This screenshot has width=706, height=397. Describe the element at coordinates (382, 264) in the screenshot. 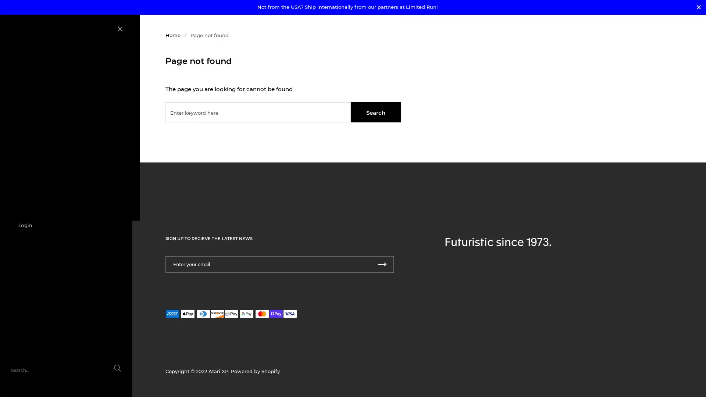

I see `Submit` at that location.